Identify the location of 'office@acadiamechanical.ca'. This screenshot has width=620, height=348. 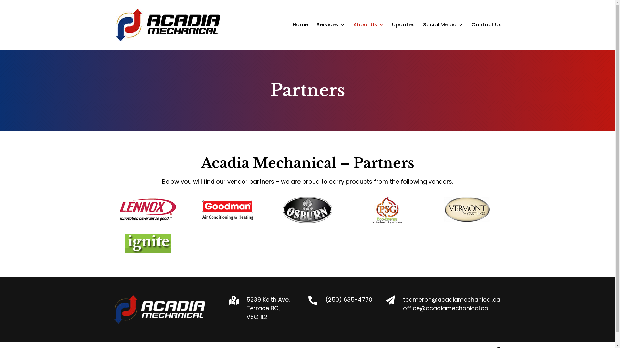
(445, 308).